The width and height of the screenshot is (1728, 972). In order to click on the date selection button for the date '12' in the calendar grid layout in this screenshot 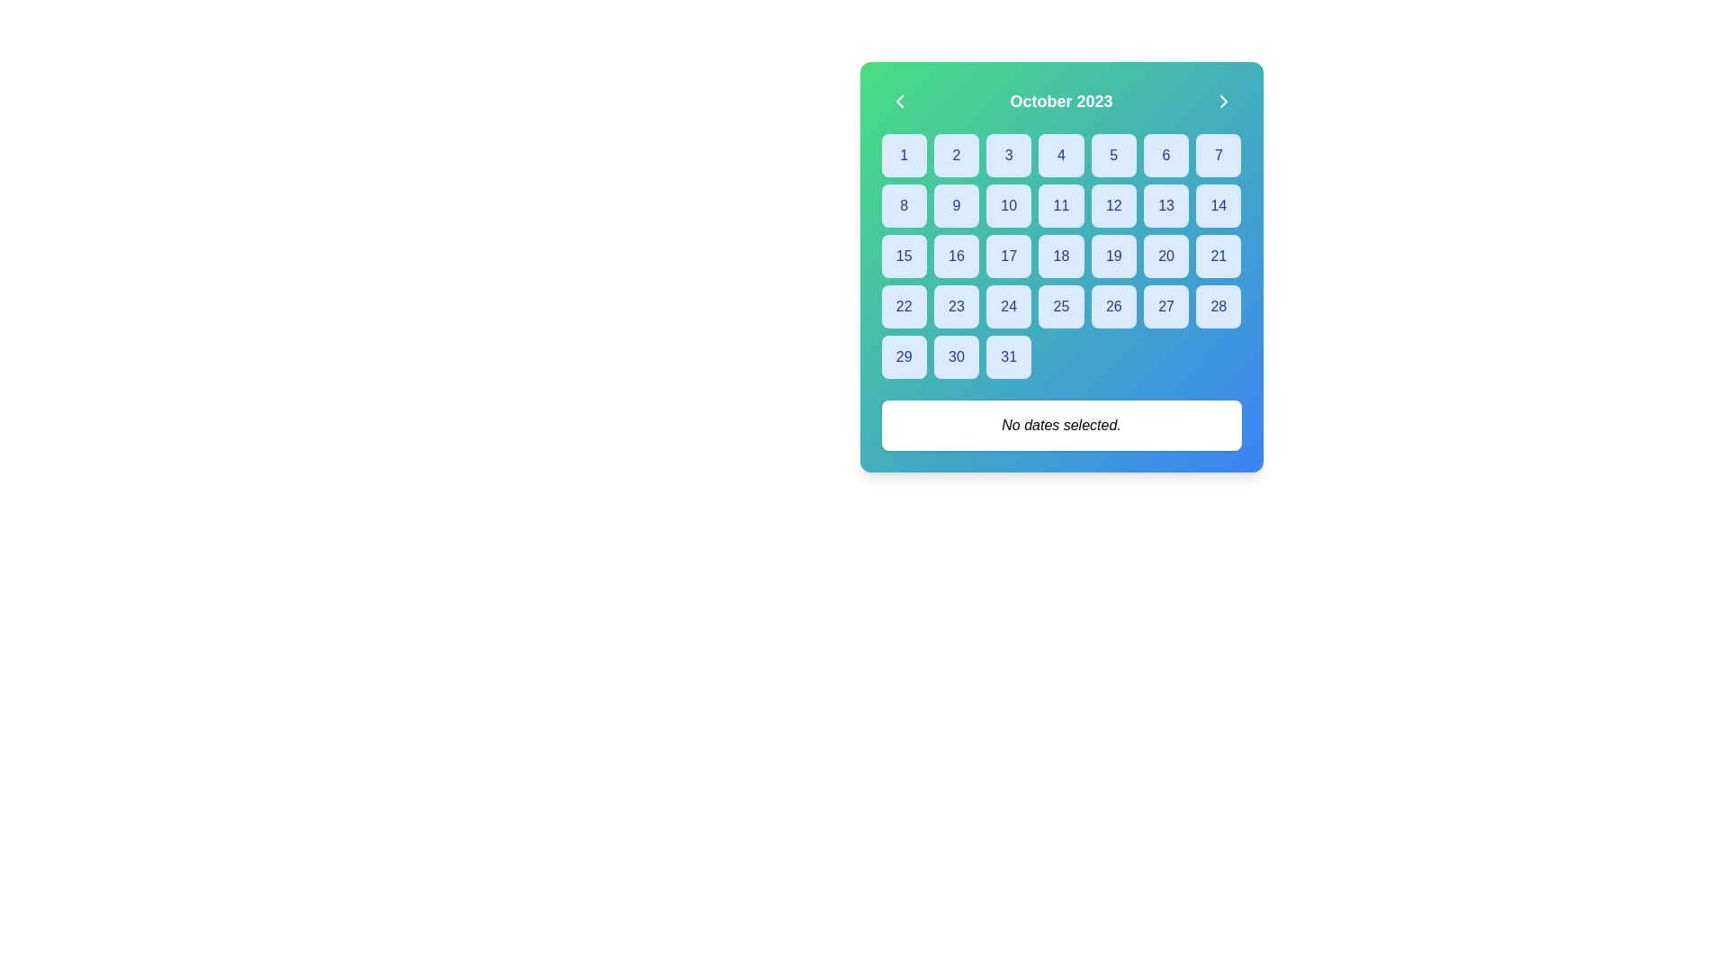, I will do `click(1112, 204)`.